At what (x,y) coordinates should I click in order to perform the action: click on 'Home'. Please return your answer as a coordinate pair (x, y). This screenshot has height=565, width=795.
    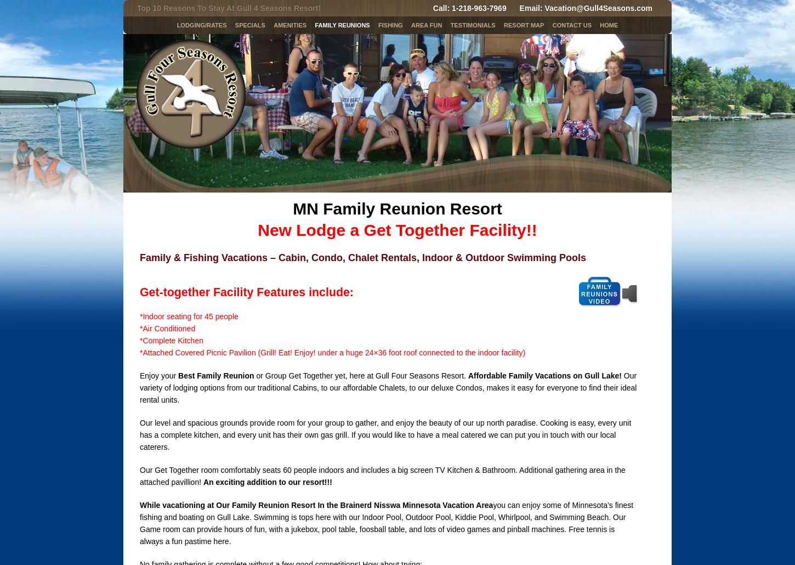
    Looking at the image, I should click on (608, 25).